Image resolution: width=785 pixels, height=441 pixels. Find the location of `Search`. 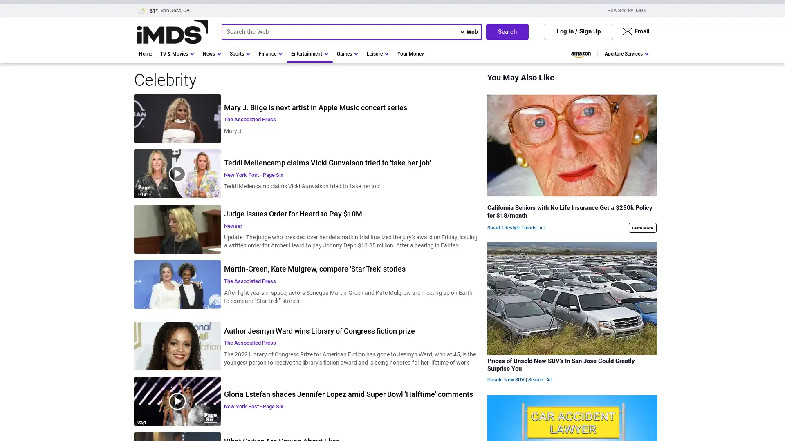

Search is located at coordinates (507, 31).